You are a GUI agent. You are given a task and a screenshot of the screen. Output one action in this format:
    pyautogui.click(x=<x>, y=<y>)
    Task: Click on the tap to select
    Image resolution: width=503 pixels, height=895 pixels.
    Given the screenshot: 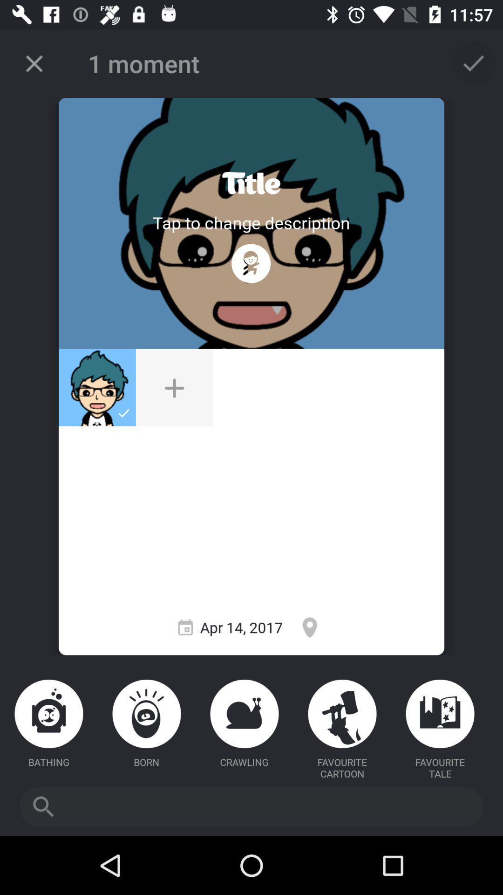 What is the action you would take?
    pyautogui.click(x=474, y=63)
    